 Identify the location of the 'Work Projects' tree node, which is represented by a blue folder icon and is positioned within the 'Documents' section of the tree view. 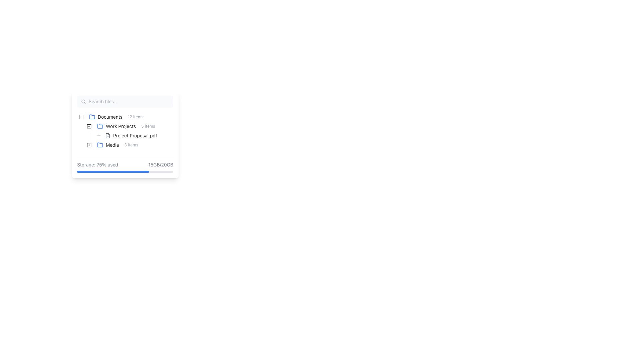
(126, 126).